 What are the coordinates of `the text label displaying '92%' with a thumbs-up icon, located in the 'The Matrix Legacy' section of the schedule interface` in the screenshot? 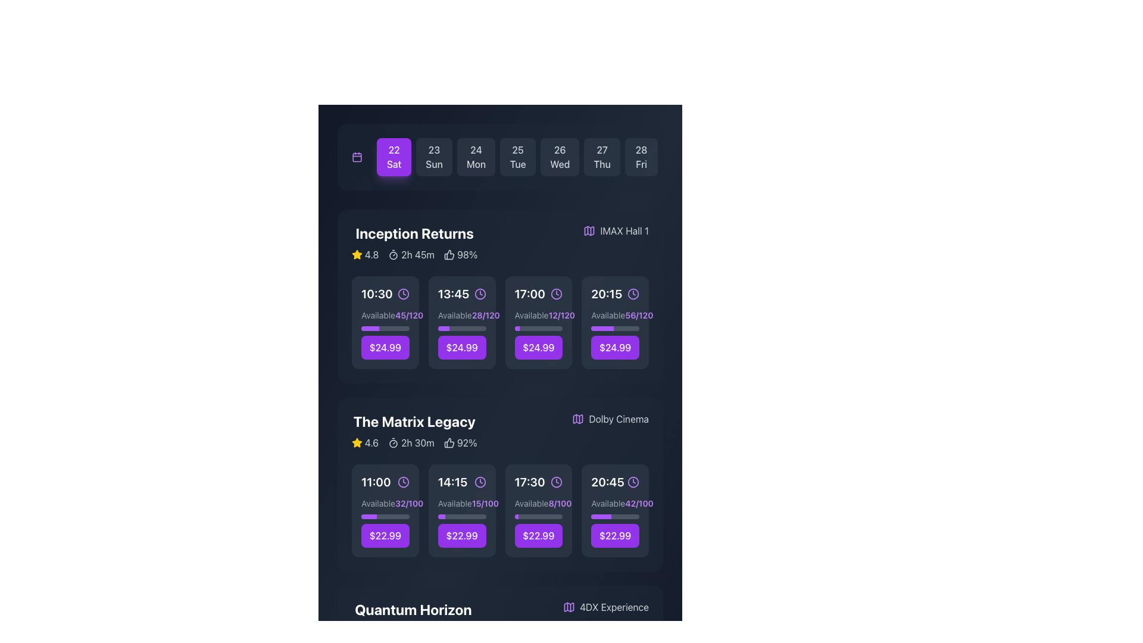 It's located at (460, 443).